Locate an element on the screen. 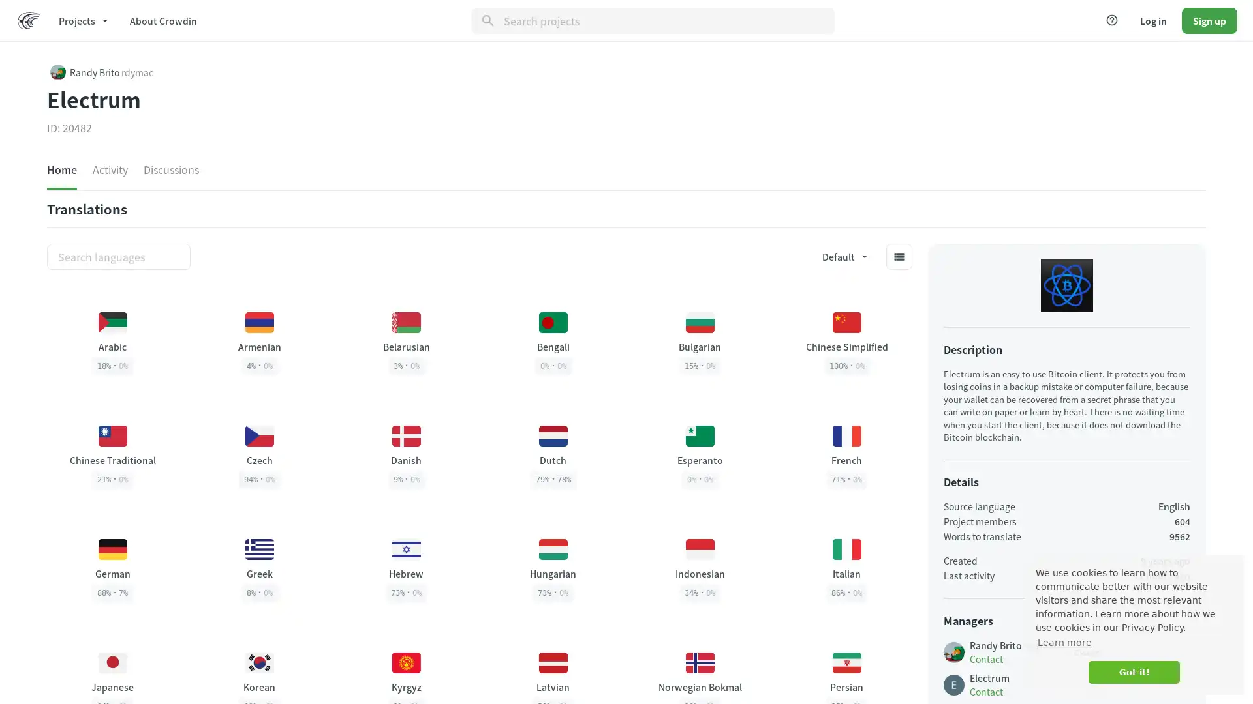  learn more about cookies is located at coordinates (1064, 642).